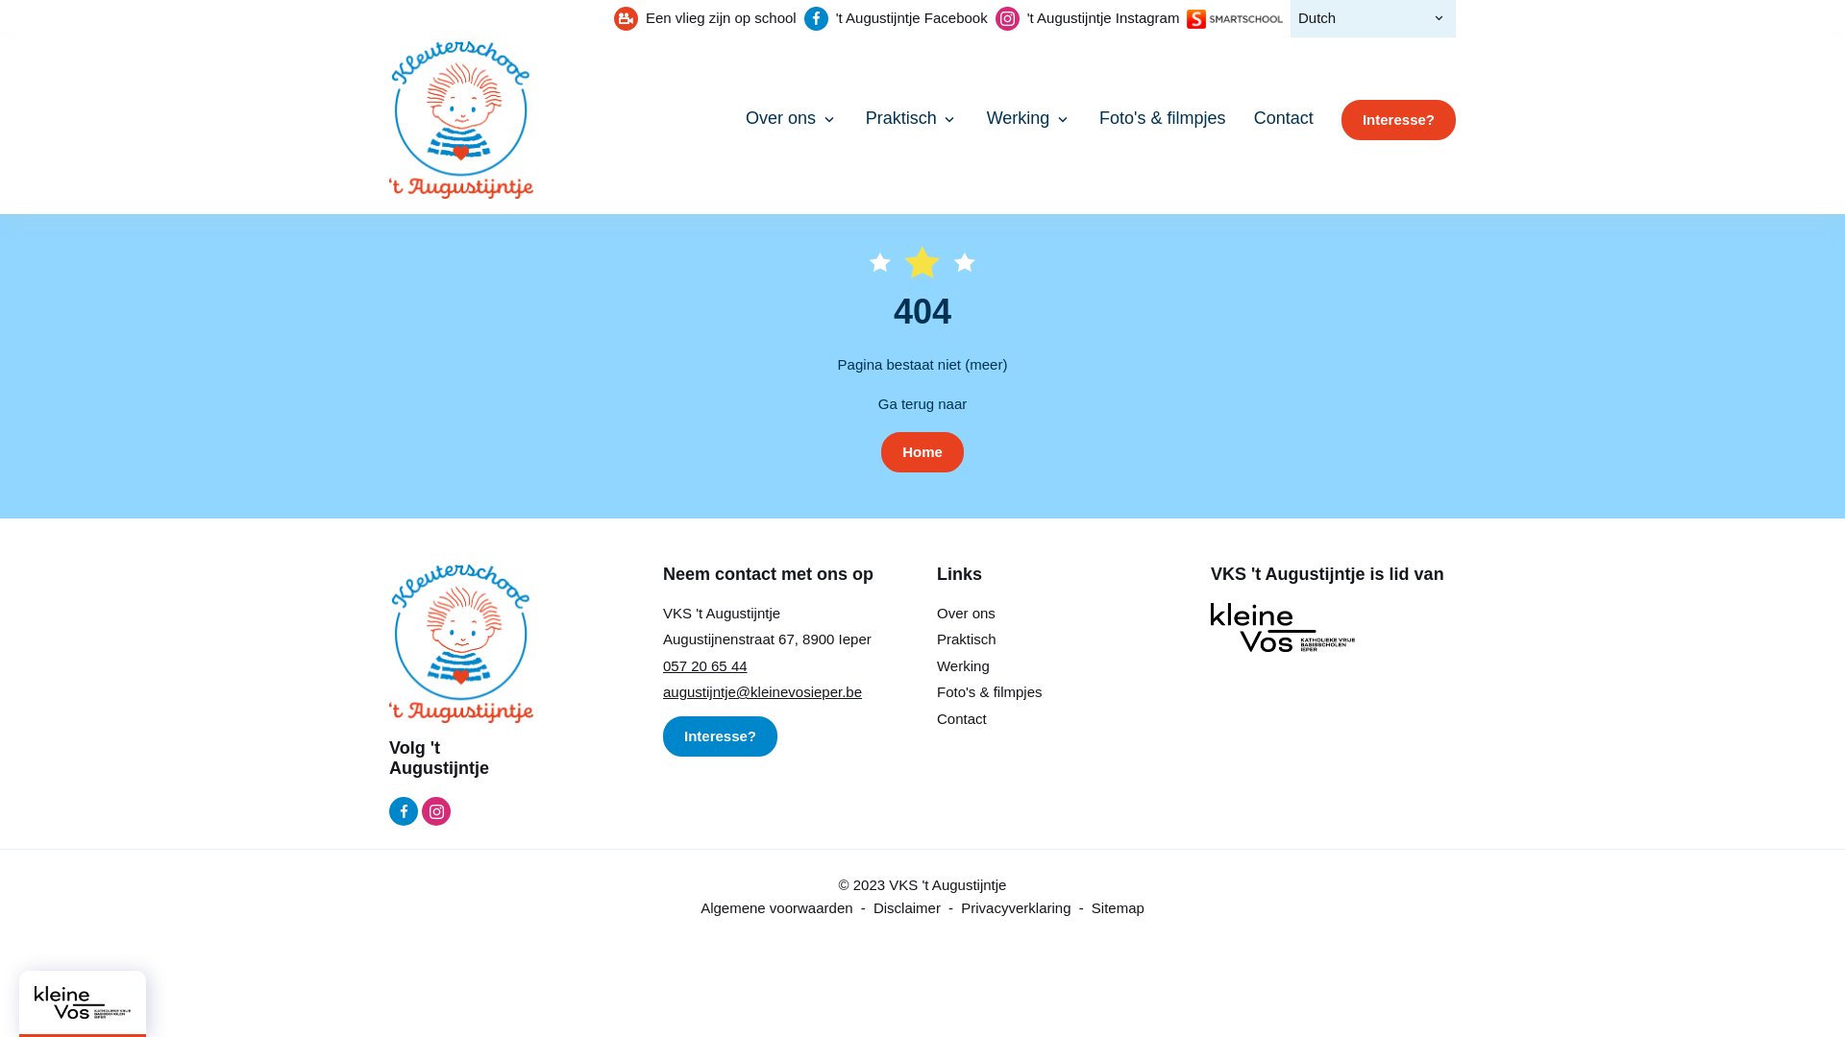 Image resolution: width=1845 pixels, height=1037 pixels. Describe the element at coordinates (461, 119) in the screenshot. I see `'VKS 't Augustijntje'` at that location.